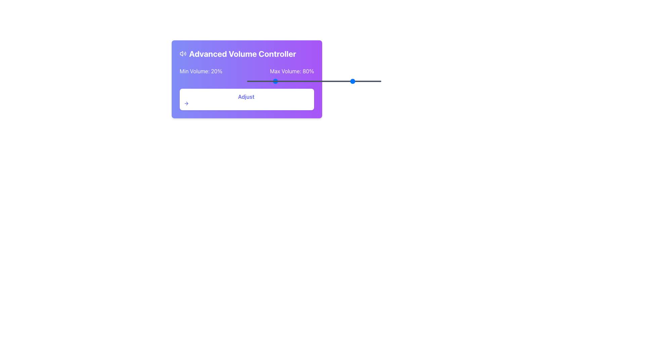 The width and height of the screenshot is (645, 363). I want to click on the slider, so click(367, 81).